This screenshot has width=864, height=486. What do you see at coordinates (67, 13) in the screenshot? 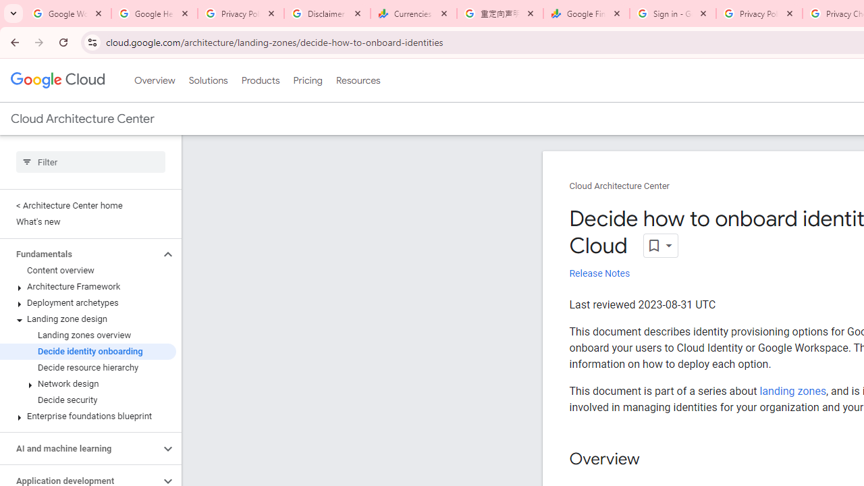
I see `'Google Workspace Admin Community'` at bounding box center [67, 13].